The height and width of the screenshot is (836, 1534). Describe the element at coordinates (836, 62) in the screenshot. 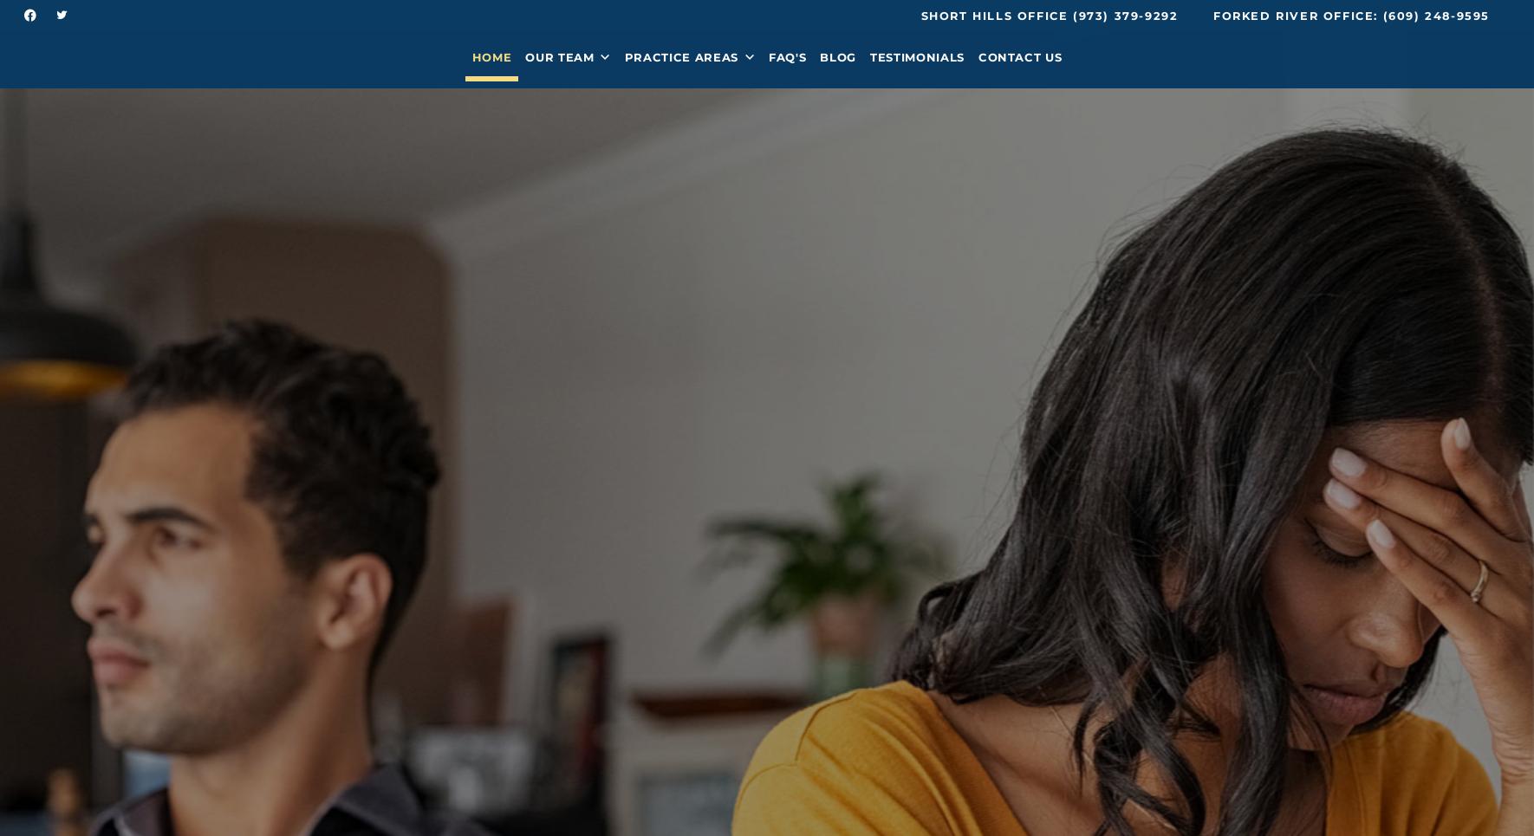

I see `'Blog'` at that location.